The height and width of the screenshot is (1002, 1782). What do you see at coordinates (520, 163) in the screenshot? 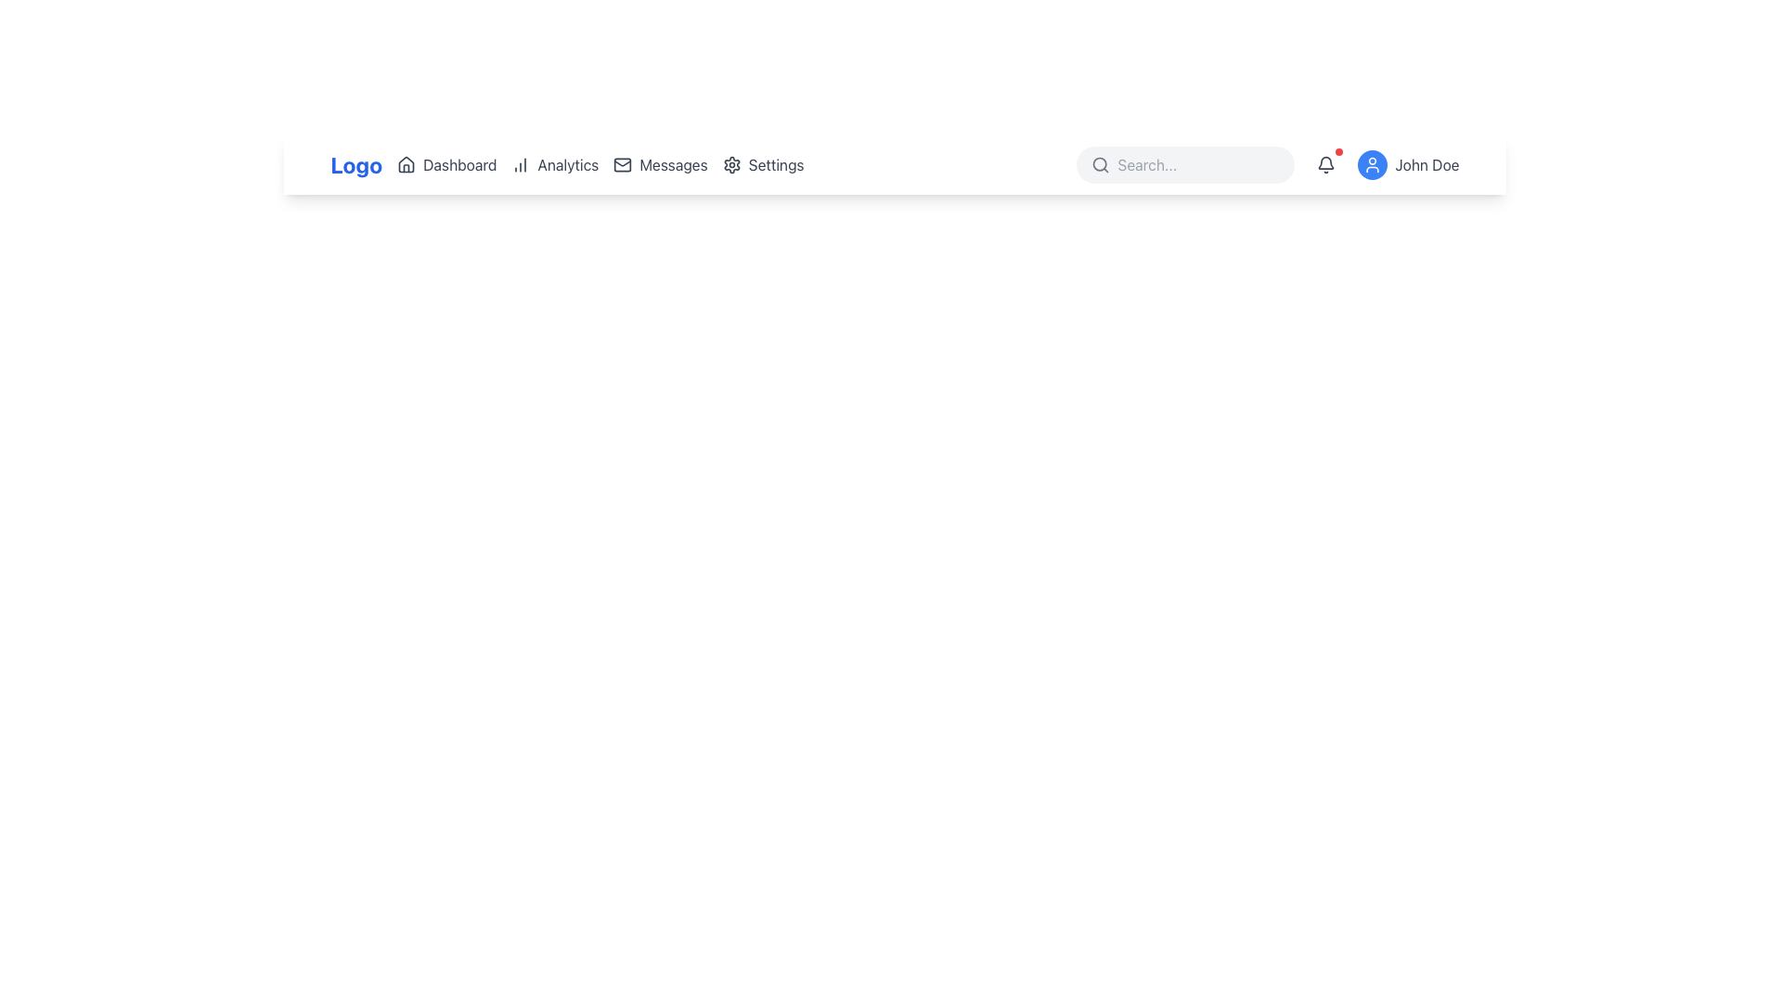
I see `the icon representing a vertical bar chart located to the left of the 'Analytics' text label in the main navigation bar` at bounding box center [520, 163].